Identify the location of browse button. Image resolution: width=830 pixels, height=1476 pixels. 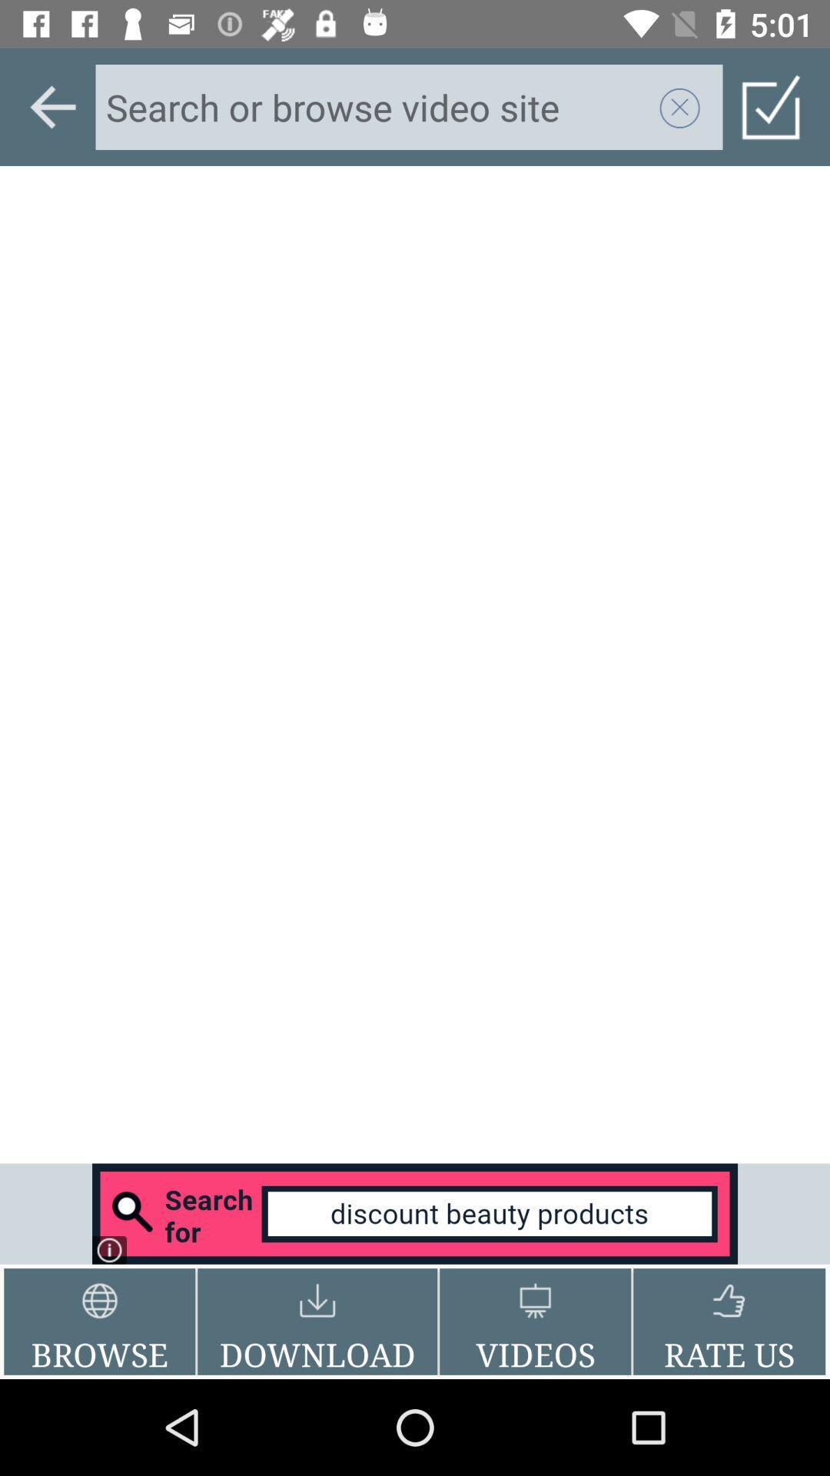
(99, 1321).